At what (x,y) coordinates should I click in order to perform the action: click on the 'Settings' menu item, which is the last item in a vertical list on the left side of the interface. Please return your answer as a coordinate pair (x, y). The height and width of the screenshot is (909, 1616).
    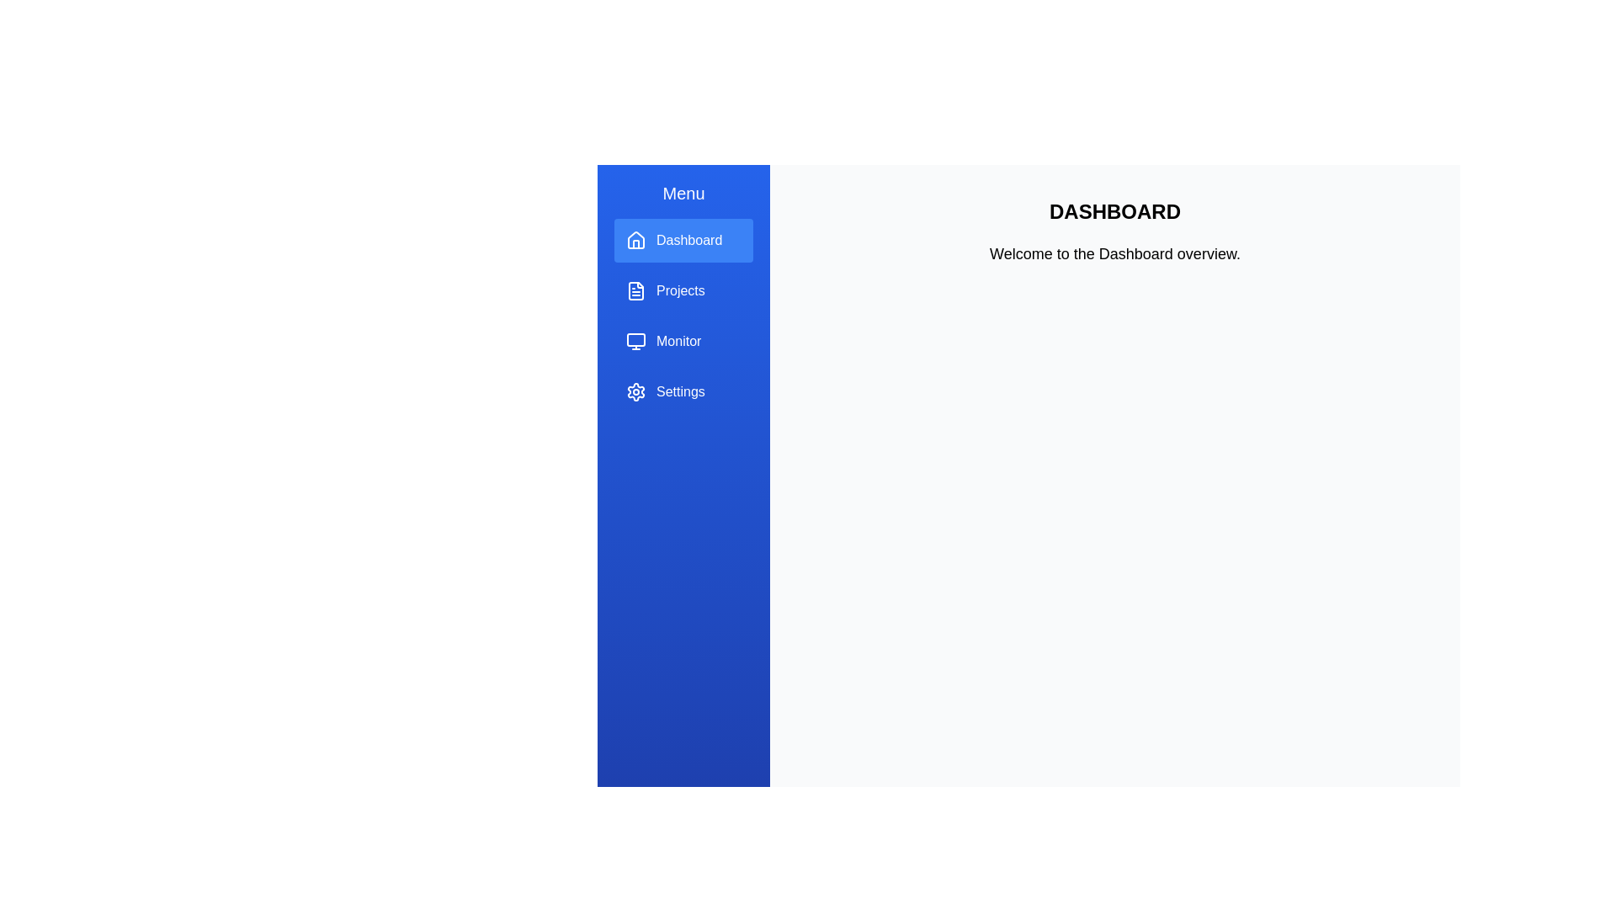
    Looking at the image, I should click on (683, 392).